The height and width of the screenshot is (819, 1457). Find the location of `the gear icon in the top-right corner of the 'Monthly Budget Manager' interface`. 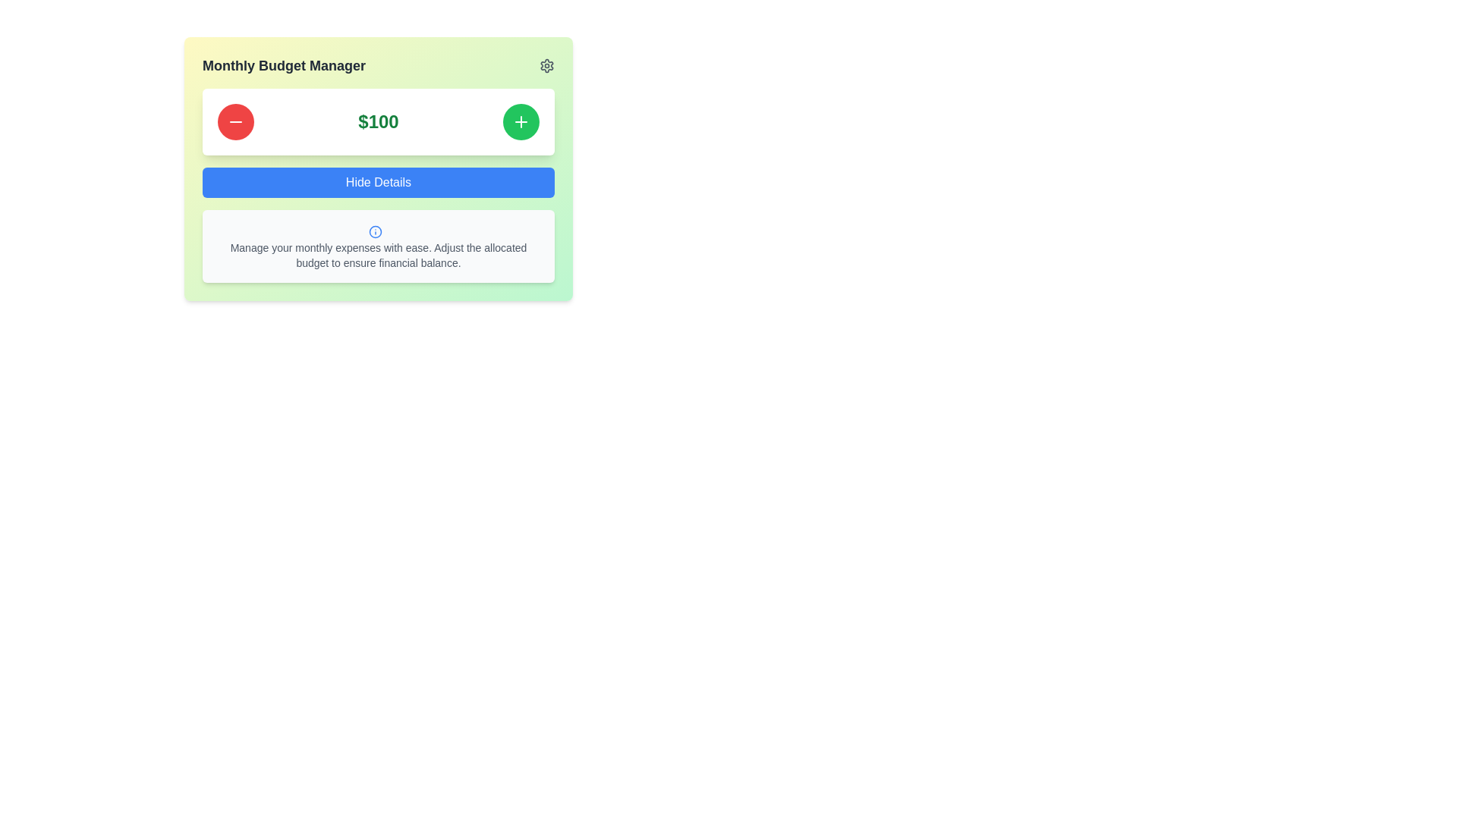

the gear icon in the top-right corner of the 'Monthly Budget Manager' interface is located at coordinates (546, 65).